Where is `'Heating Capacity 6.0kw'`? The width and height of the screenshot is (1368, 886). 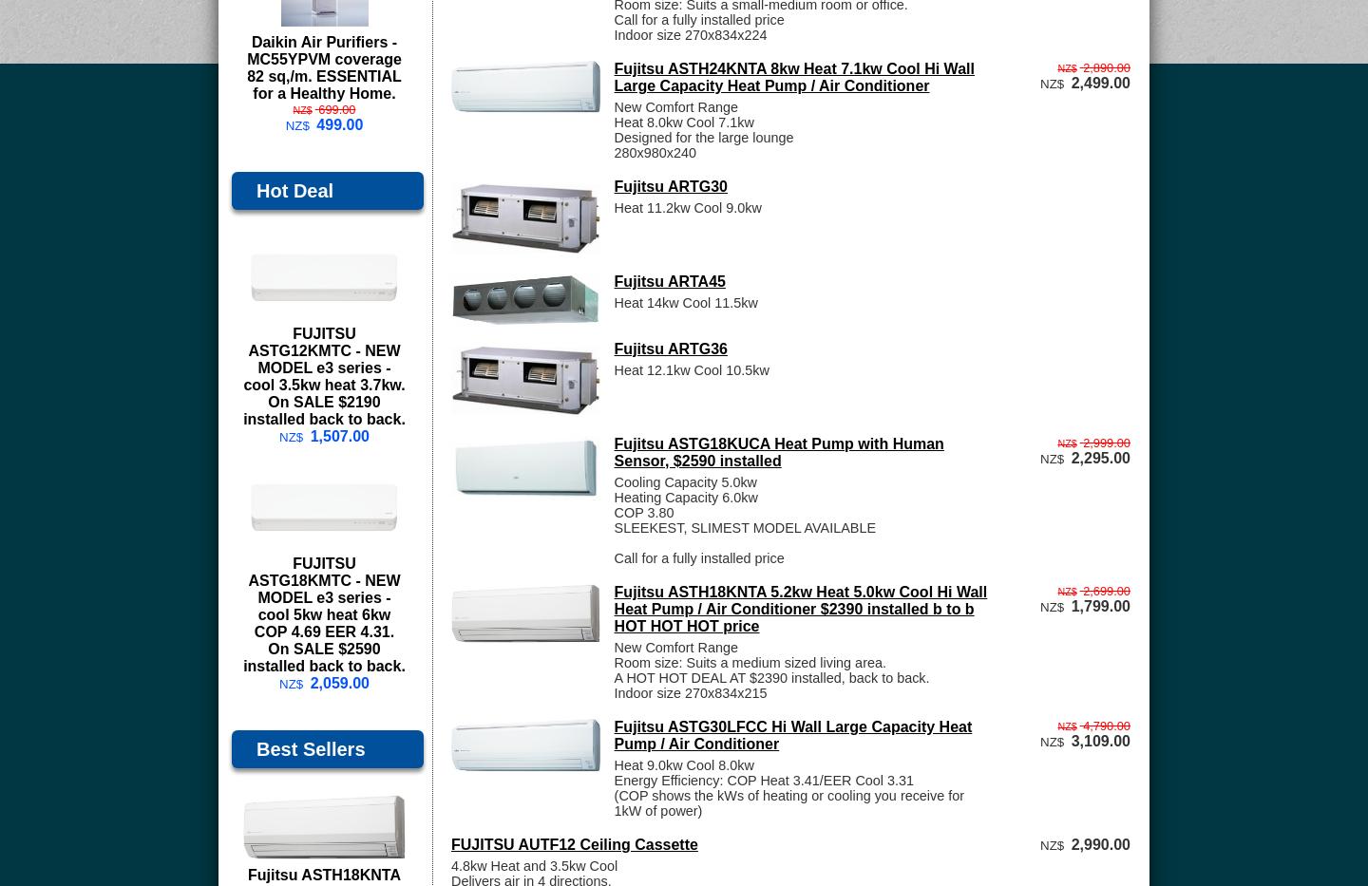
'Heating Capacity 6.0kw' is located at coordinates (684, 496).